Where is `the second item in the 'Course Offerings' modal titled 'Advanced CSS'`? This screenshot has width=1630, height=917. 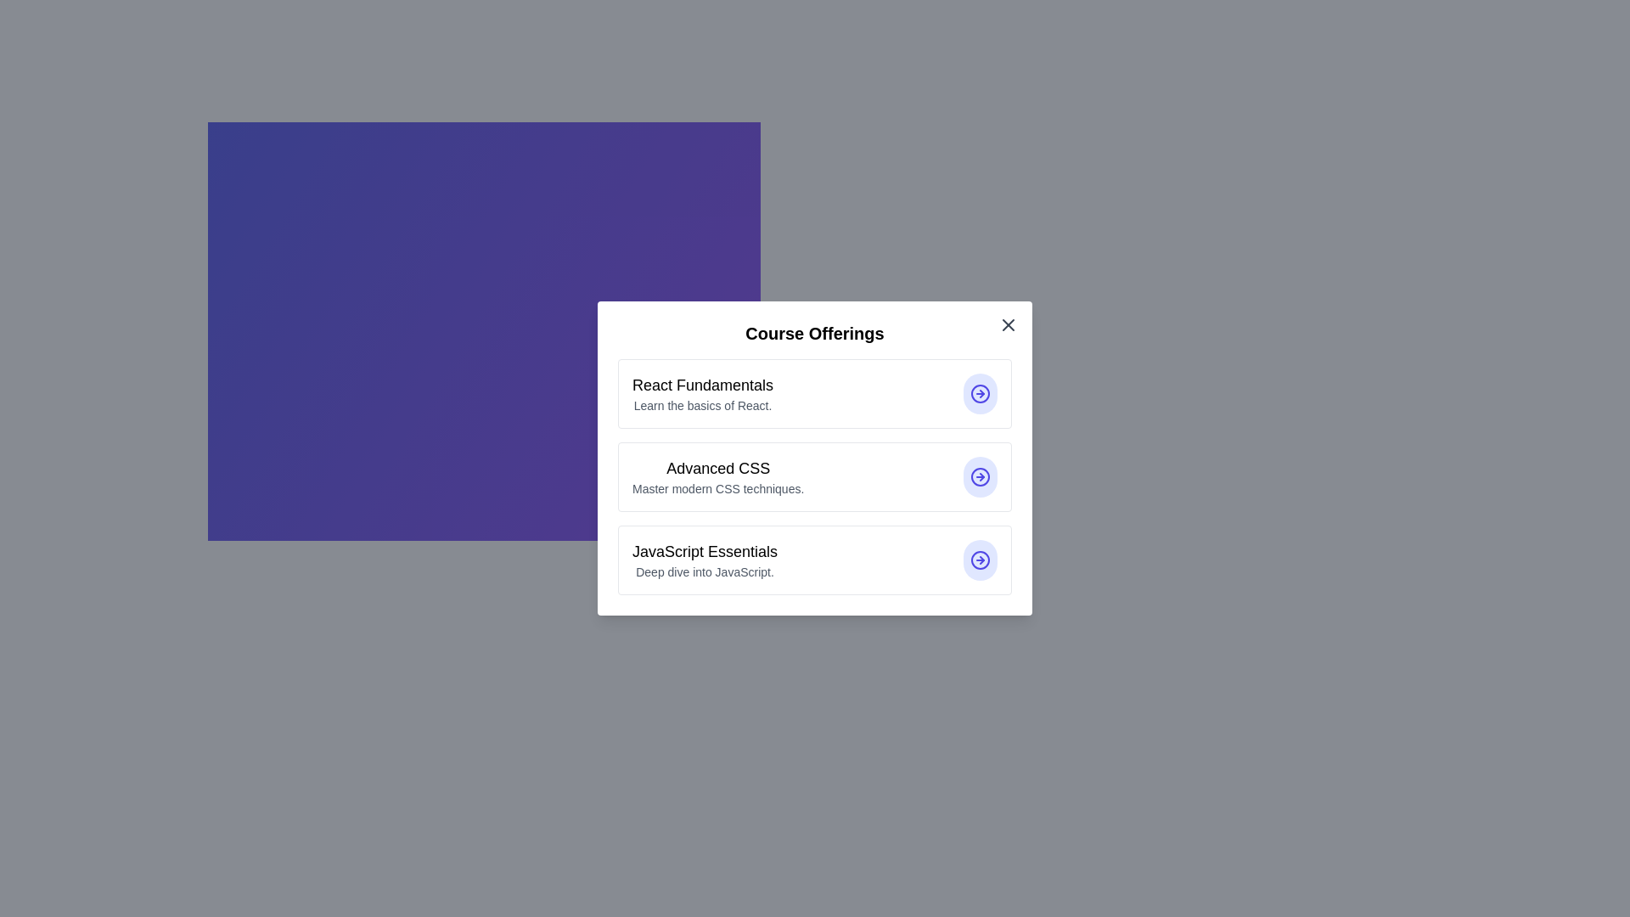 the second item in the 'Course Offerings' modal titled 'Advanced CSS' is located at coordinates (815, 477).